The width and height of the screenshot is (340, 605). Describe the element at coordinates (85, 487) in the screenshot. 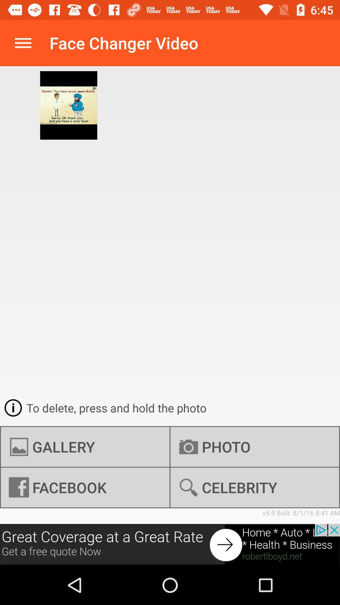

I see `the facebook` at that location.